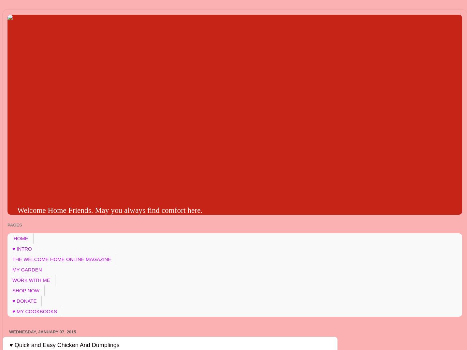 The image size is (467, 350). What do you see at coordinates (24, 301) in the screenshot?
I see `'♥ DONATE'` at bounding box center [24, 301].